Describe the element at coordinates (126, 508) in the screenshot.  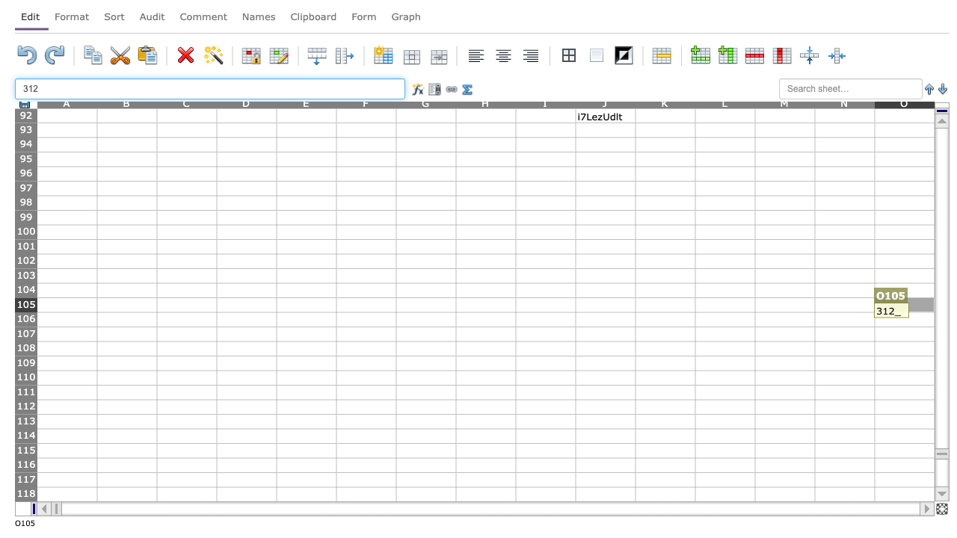
I see `Cell B-119` at that location.